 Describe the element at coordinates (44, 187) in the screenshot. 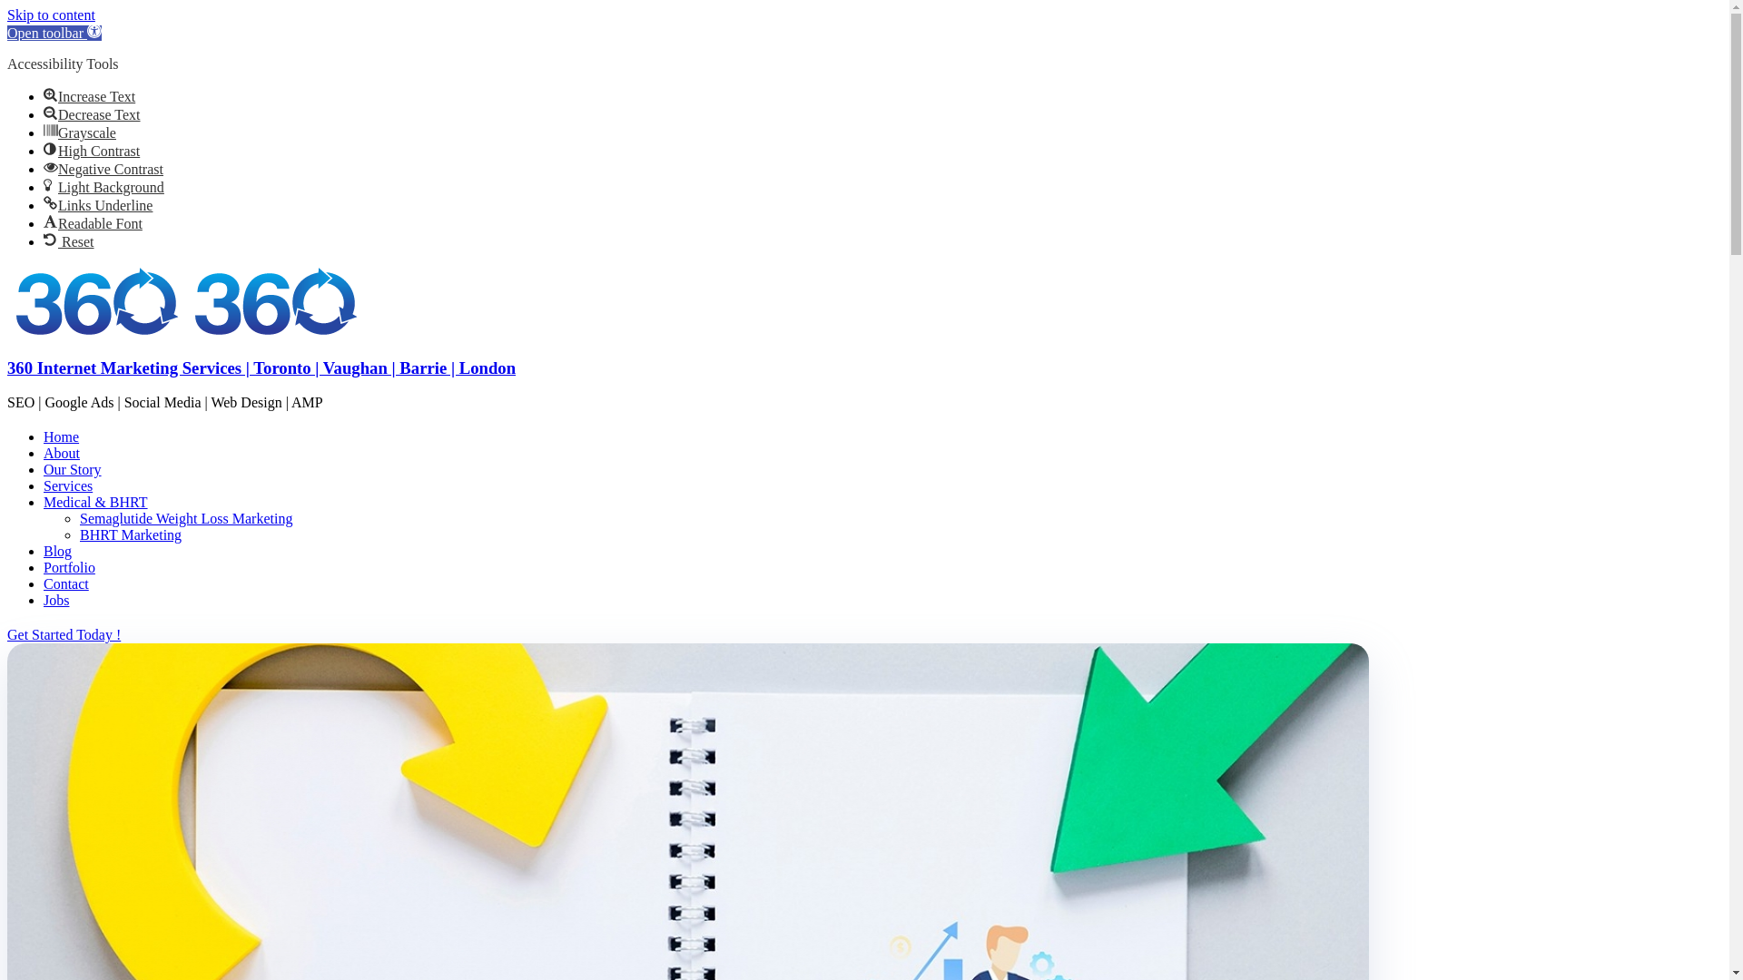

I see `'Light BackgroundLight Background'` at that location.